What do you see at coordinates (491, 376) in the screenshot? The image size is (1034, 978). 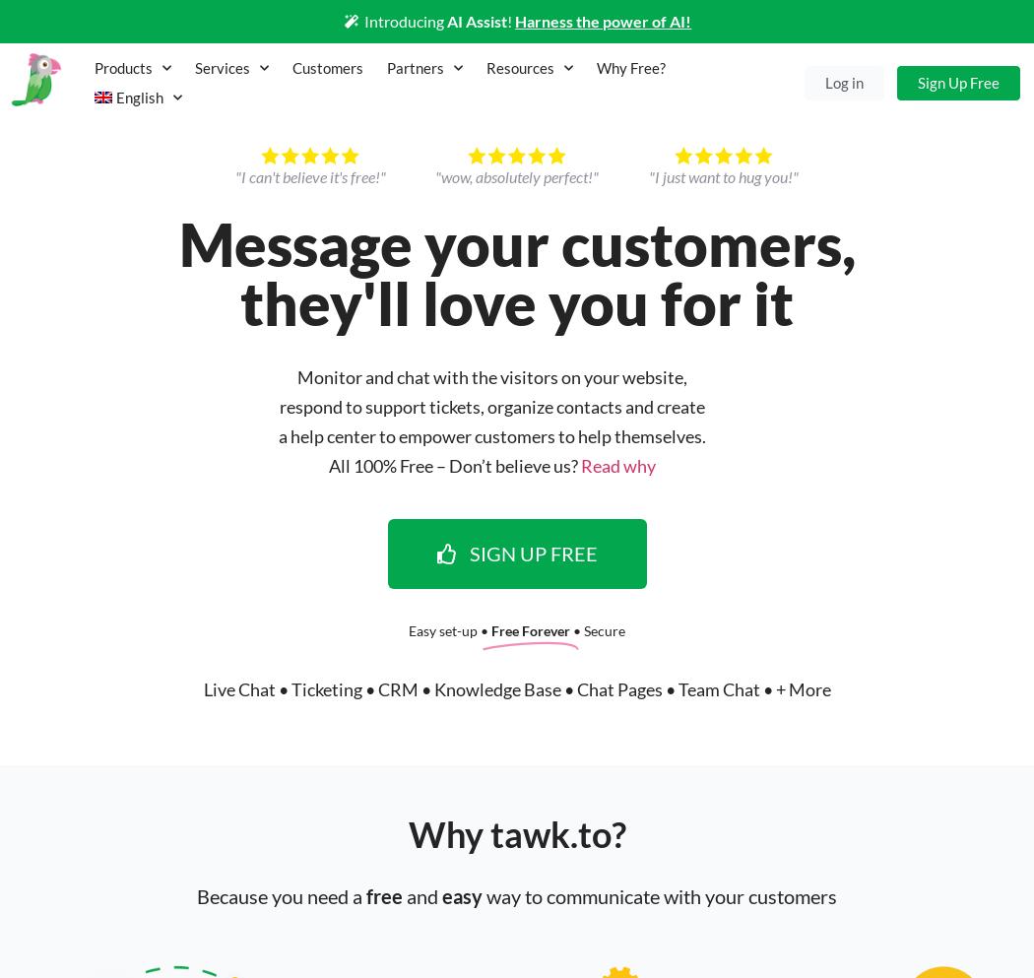 I see `'Monitor and chat with the visitors on your website,'` at bounding box center [491, 376].